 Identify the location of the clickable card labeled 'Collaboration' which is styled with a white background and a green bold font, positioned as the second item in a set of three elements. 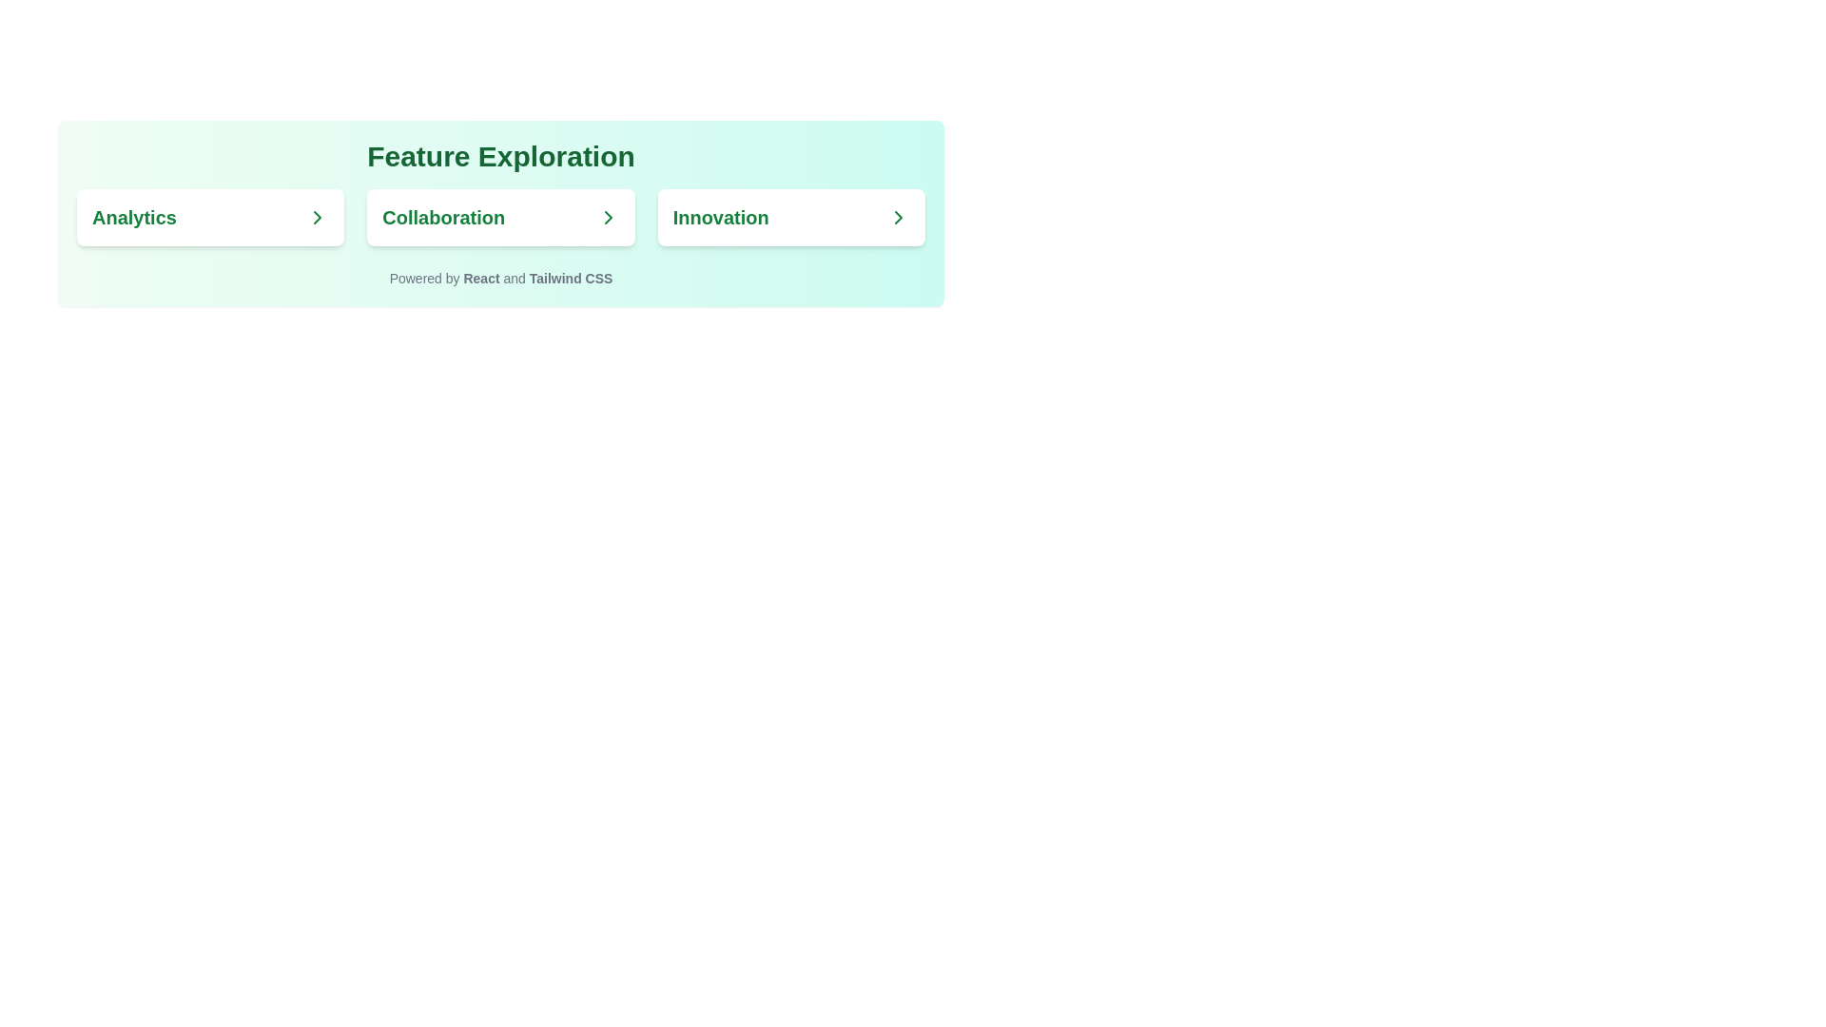
(501, 216).